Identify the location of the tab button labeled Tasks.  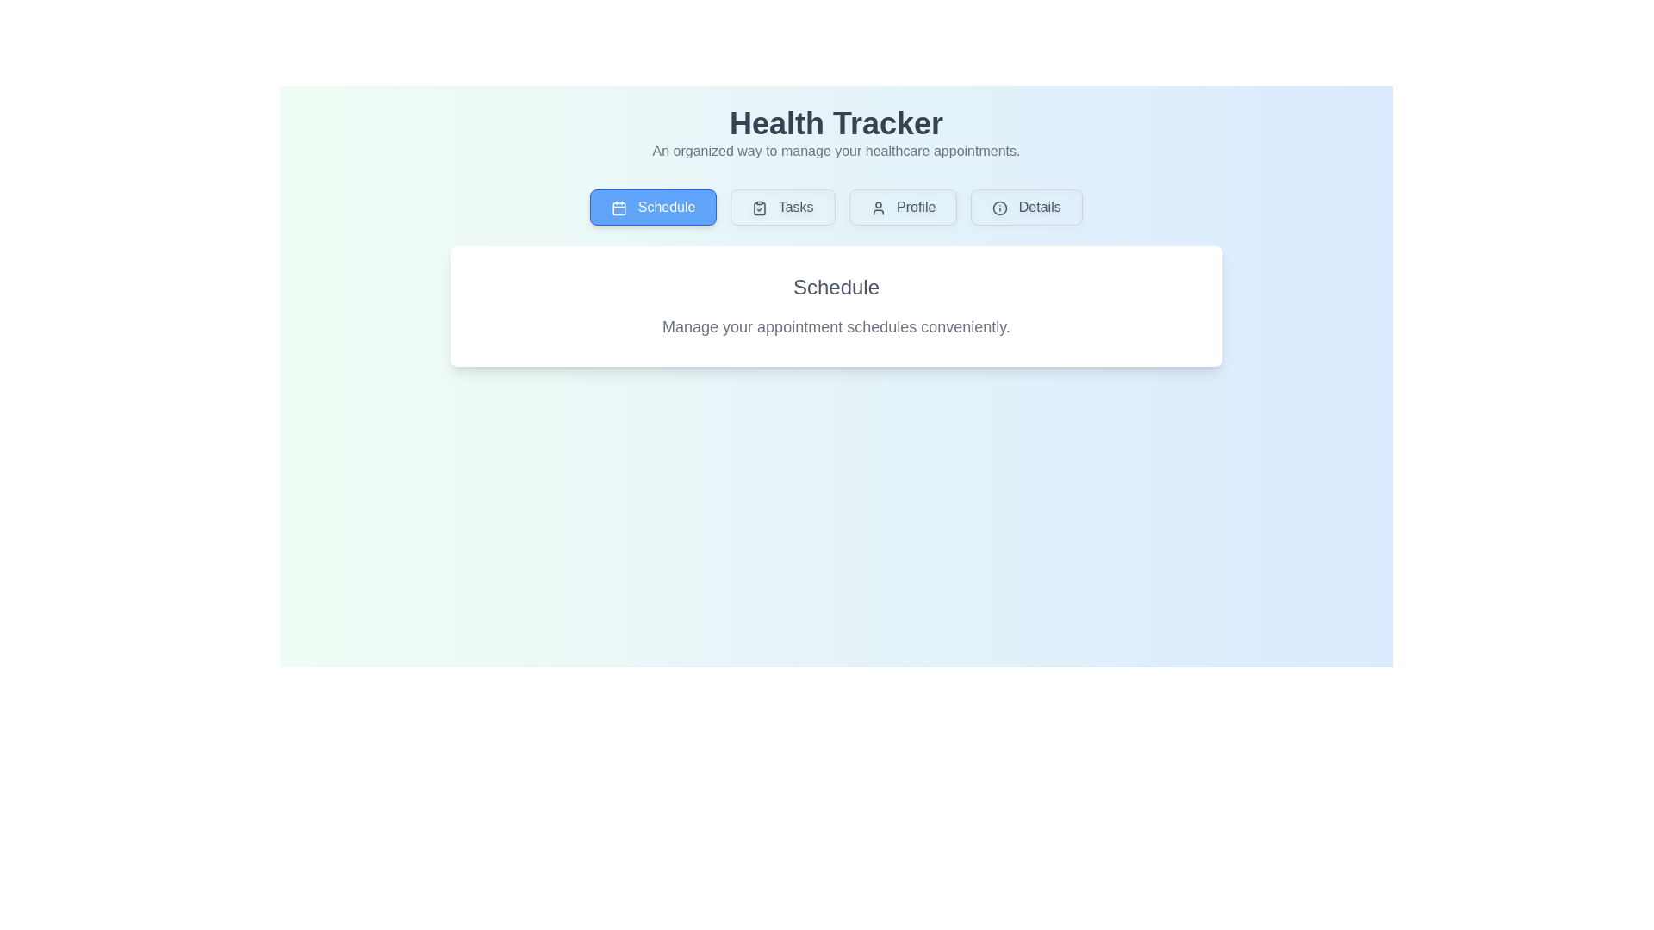
(781, 206).